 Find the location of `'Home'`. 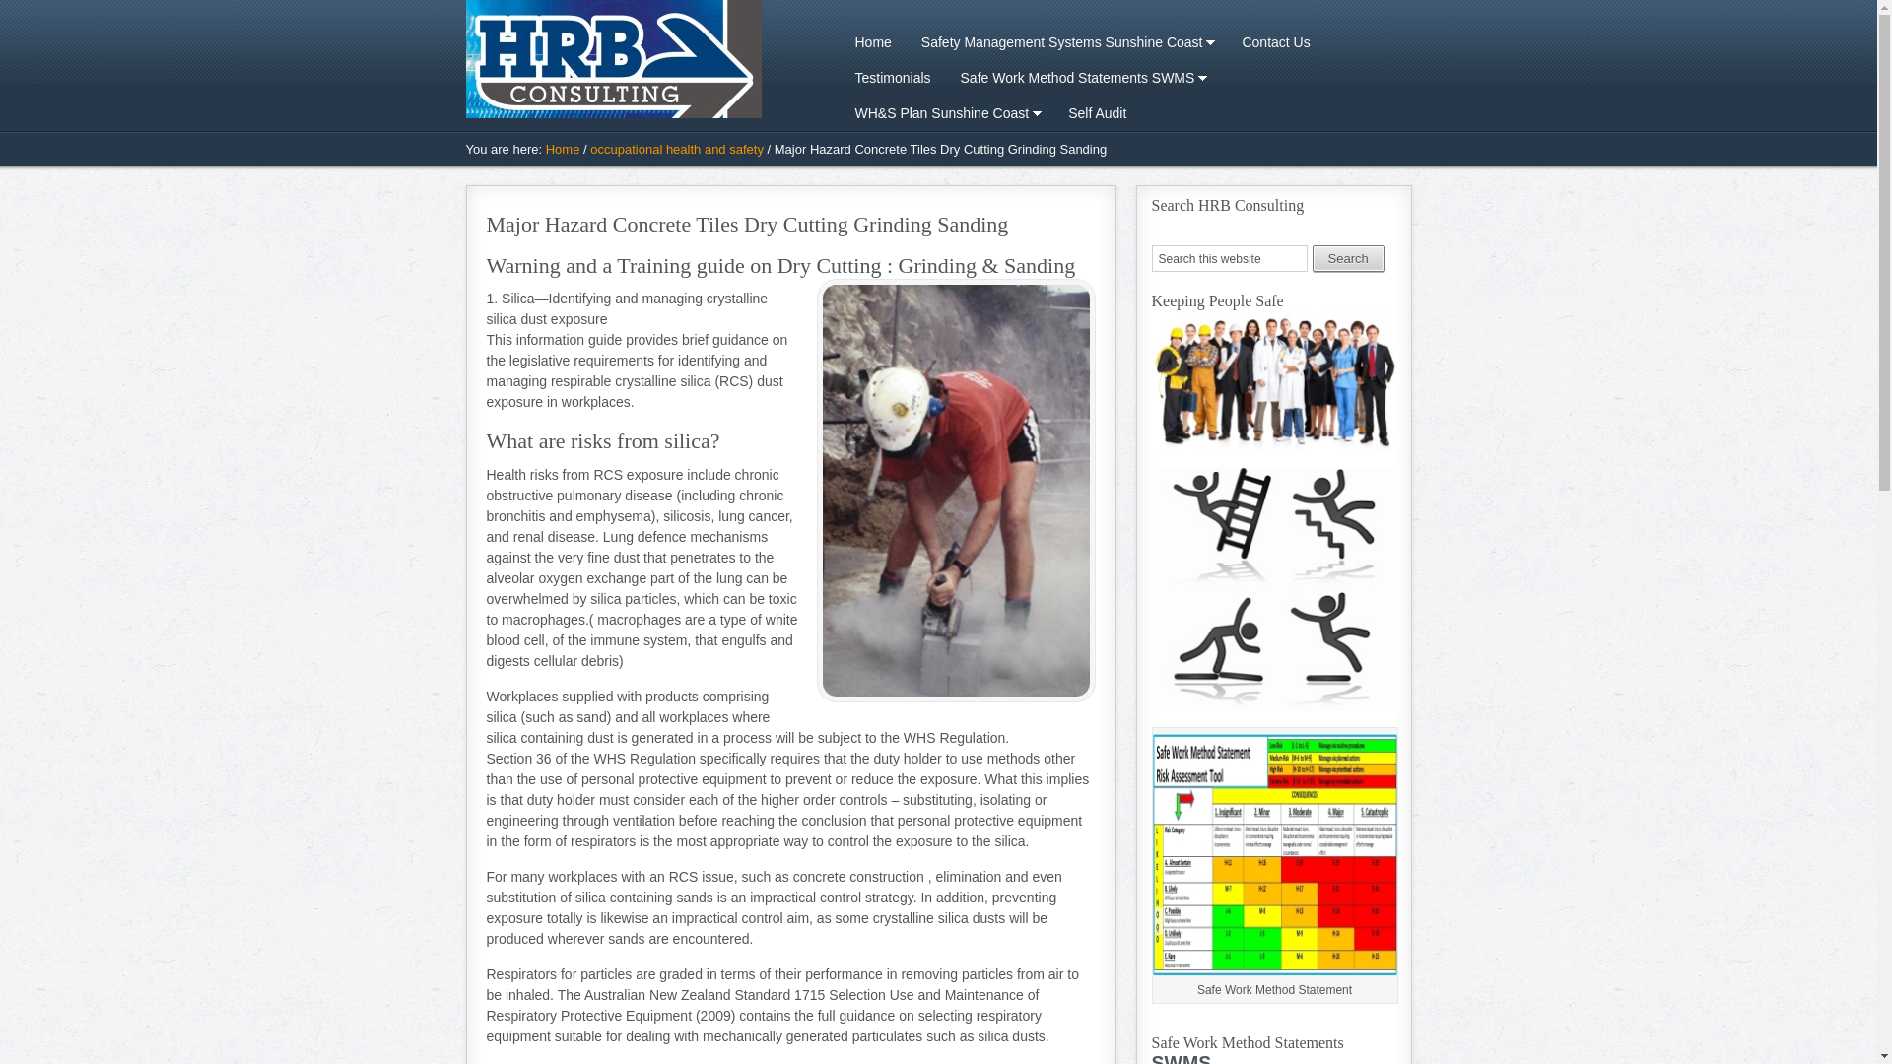

'Home' is located at coordinates (562, 148).